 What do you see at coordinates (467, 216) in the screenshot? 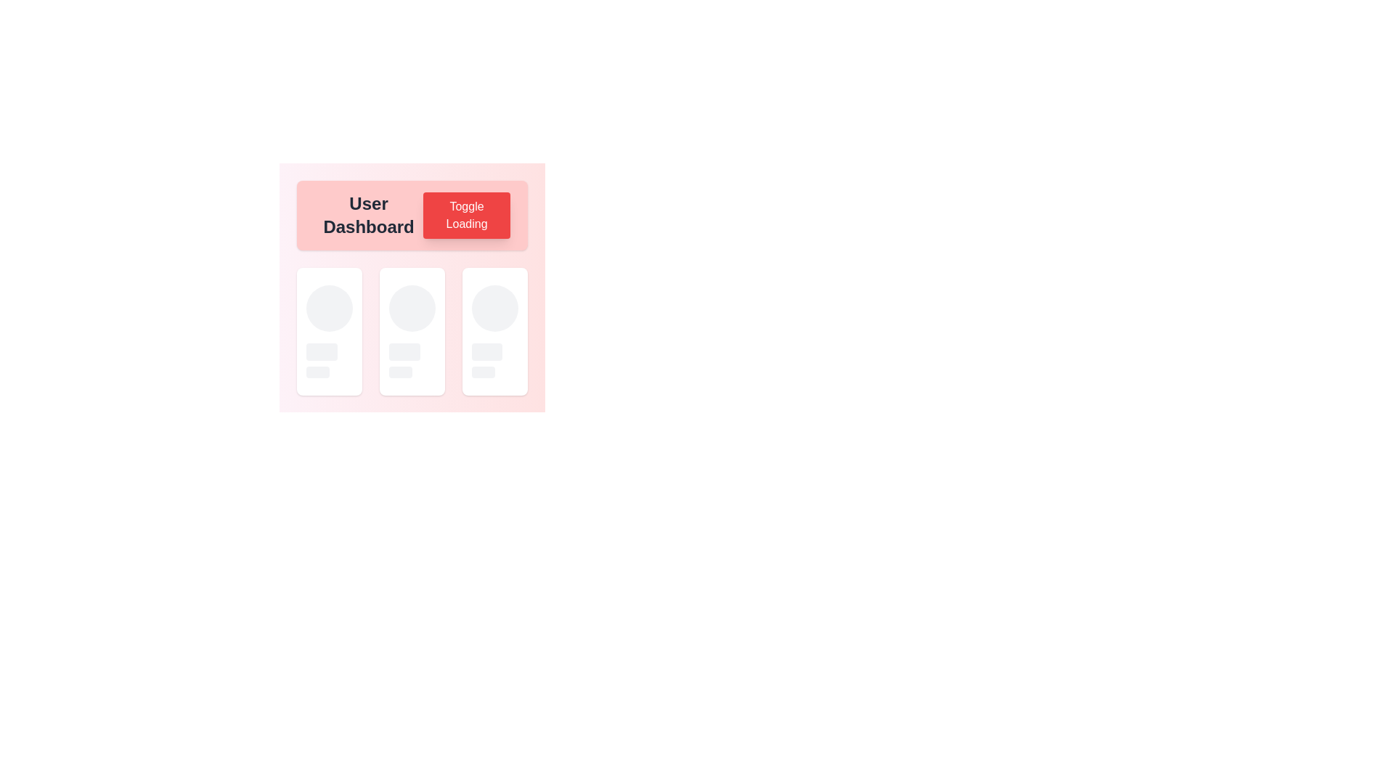
I see `the toggle button located on the right side of the 'User Dashboard' header` at bounding box center [467, 216].